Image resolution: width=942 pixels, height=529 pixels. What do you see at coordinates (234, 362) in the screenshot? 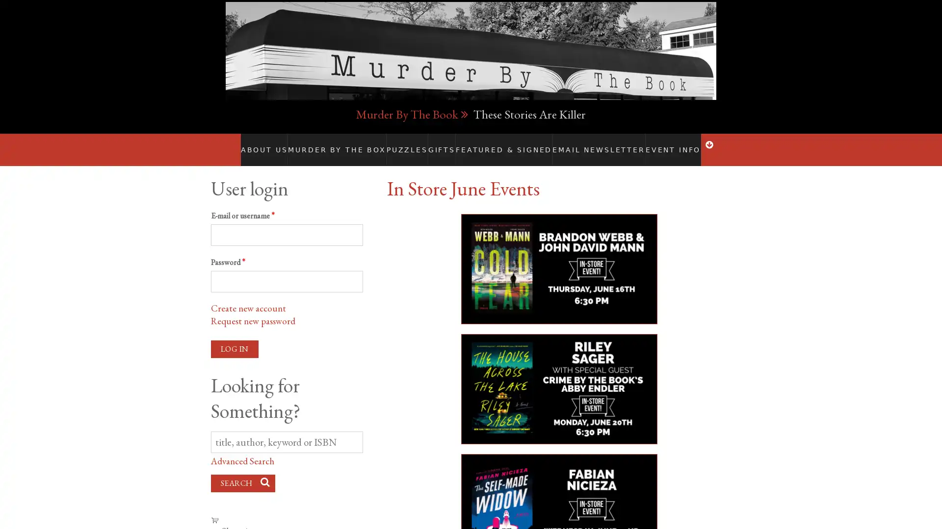
I see `Log in` at bounding box center [234, 362].